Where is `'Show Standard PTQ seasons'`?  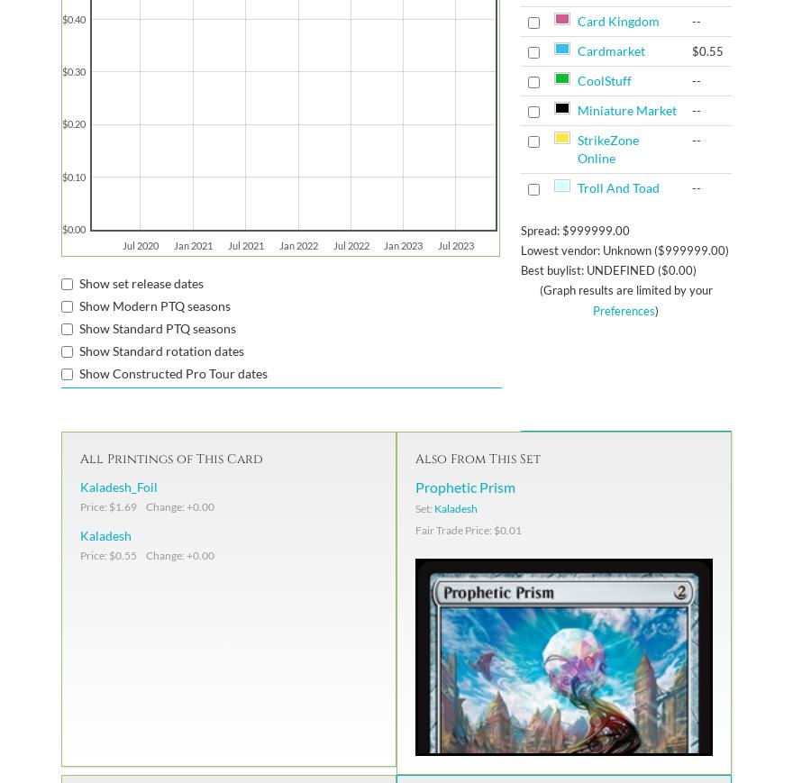
'Show Standard PTQ seasons' is located at coordinates (157, 327).